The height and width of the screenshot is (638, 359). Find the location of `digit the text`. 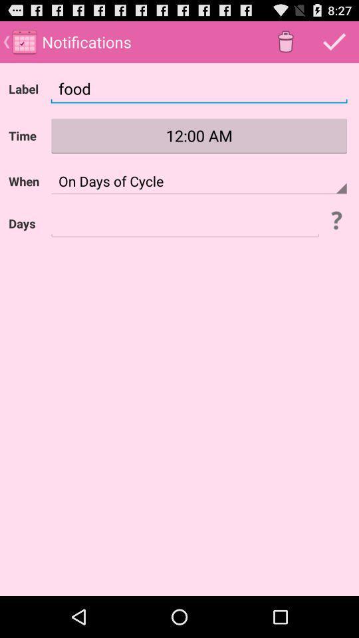

digit the text is located at coordinates (184, 223).